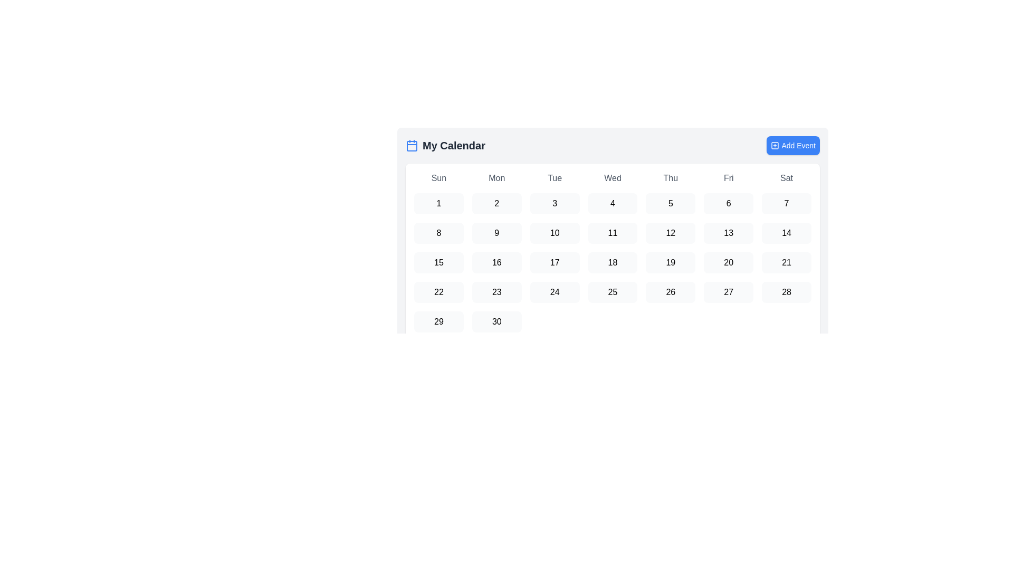 This screenshot has width=1013, height=570. What do you see at coordinates (496, 203) in the screenshot?
I see `the calendar cell displaying the number '2'` at bounding box center [496, 203].